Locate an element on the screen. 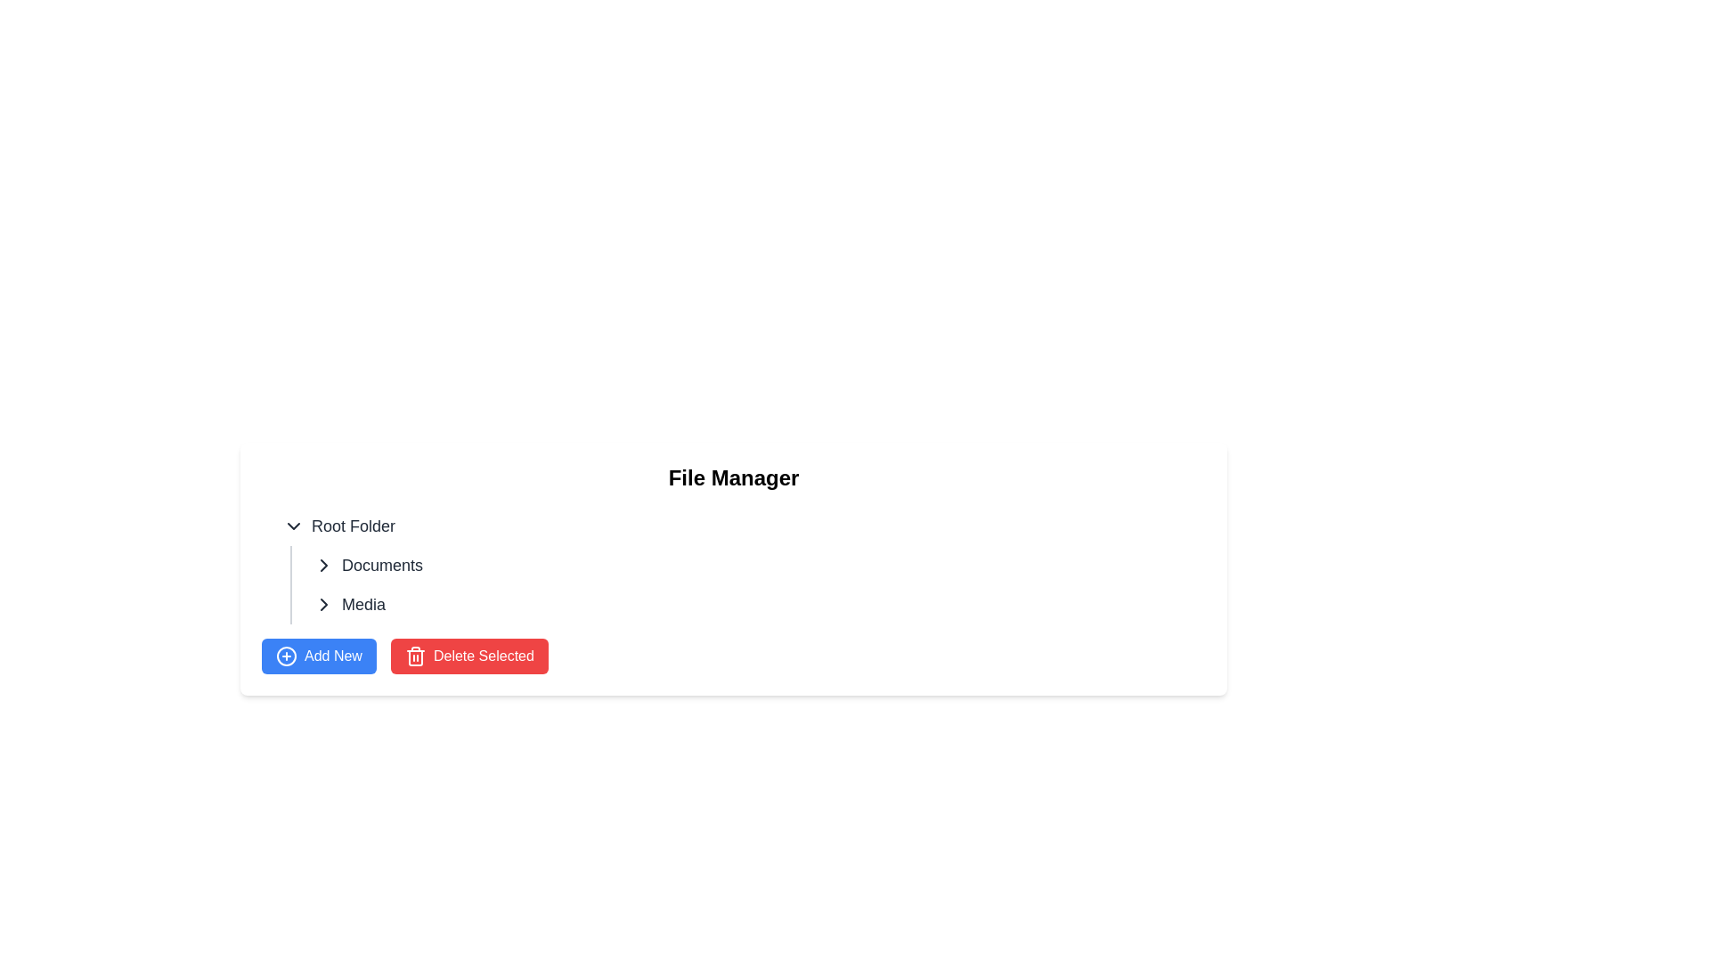  the add symbol icon within the 'Add New' button is located at coordinates (286, 656).